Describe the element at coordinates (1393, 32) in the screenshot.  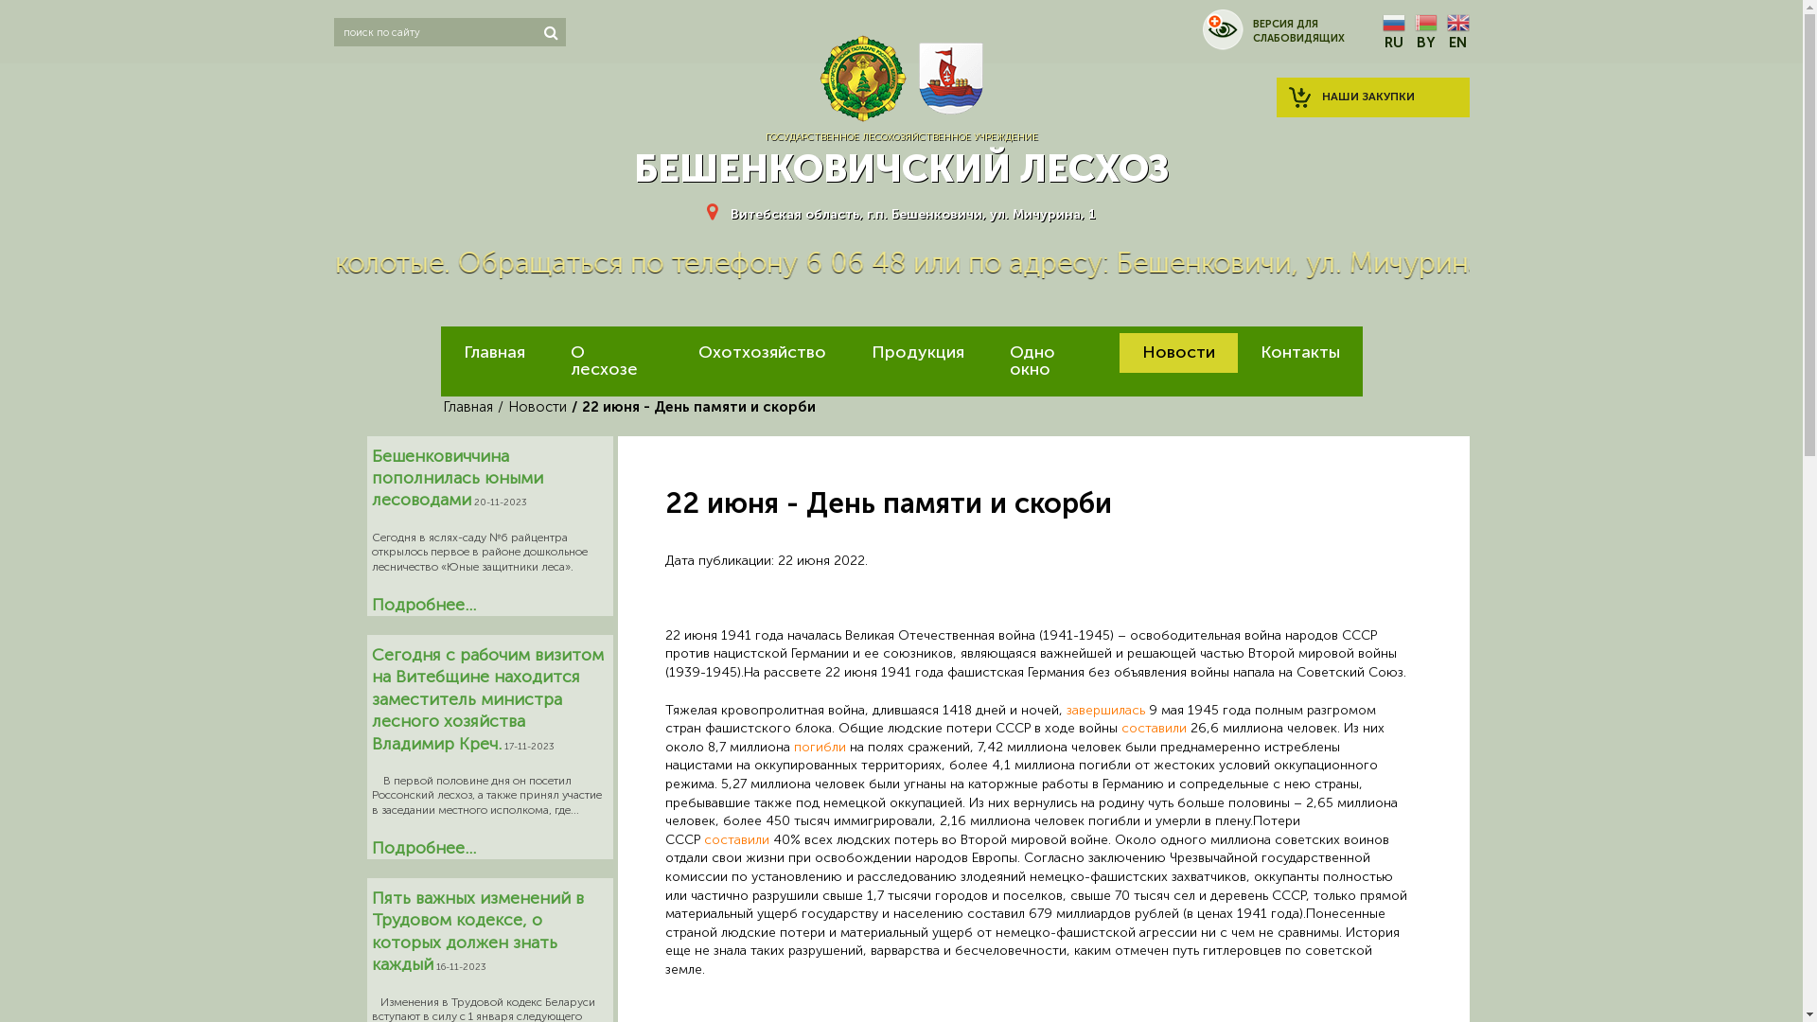
I see `'RU'` at that location.